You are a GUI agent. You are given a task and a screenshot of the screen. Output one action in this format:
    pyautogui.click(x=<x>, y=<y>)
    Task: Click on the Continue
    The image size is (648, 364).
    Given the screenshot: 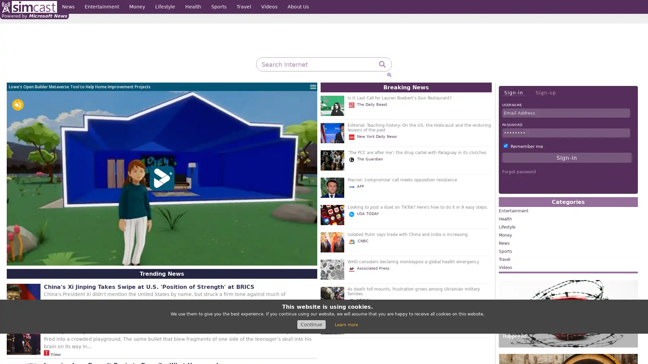 What is the action you would take?
    pyautogui.click(x=311, y=324)
    